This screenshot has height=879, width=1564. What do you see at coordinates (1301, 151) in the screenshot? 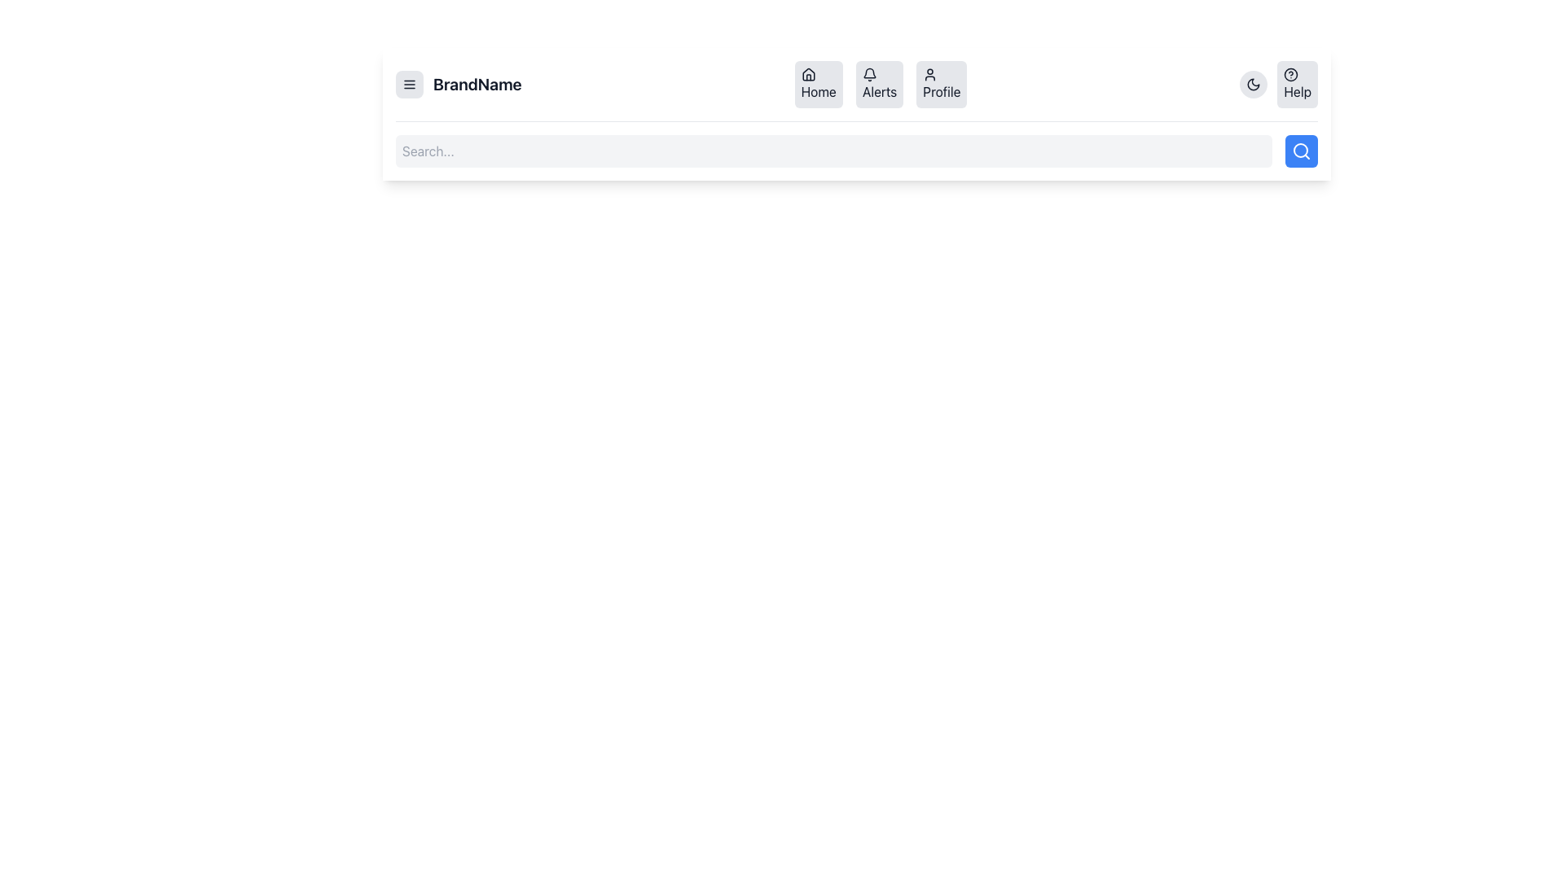
I see `the search icon embedded within the search button located at the far right of the navigation bar to initiate the search action` at bounding box center [1301, 151].